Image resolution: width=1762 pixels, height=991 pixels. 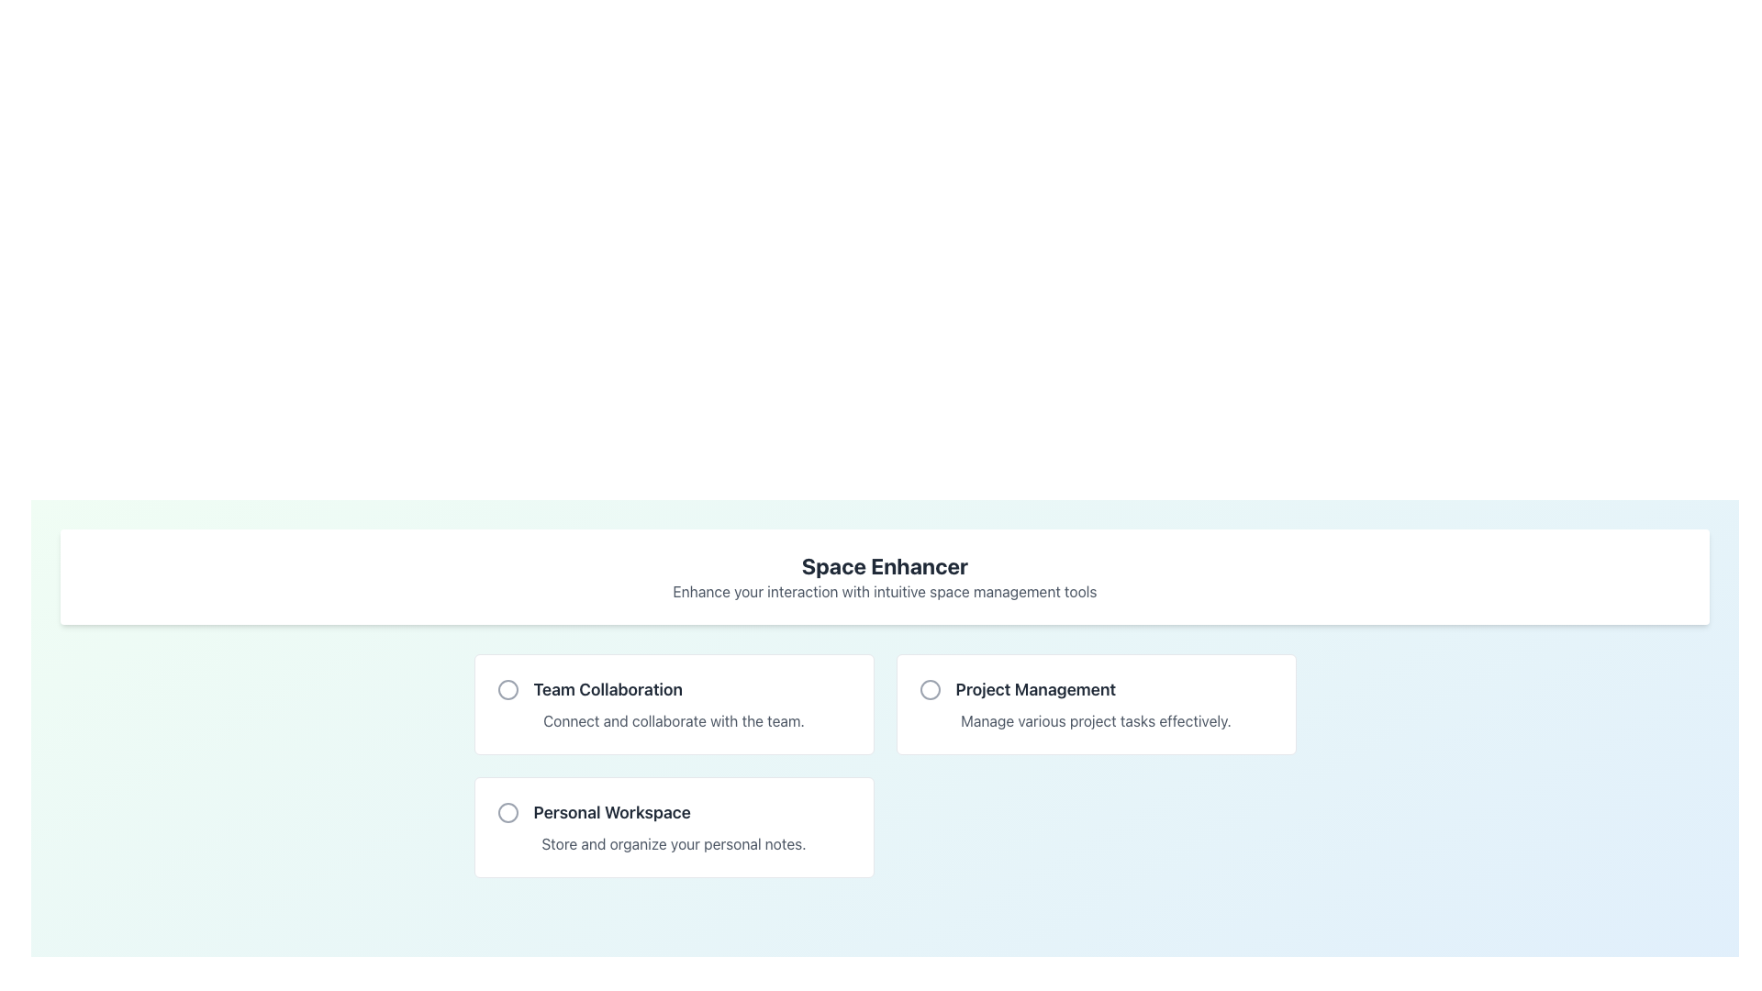 I want to click on the circular icon representing the 'Team Collaboration' option, located to the left of the text 'Team Collaboration', so click(x=507, y=690).